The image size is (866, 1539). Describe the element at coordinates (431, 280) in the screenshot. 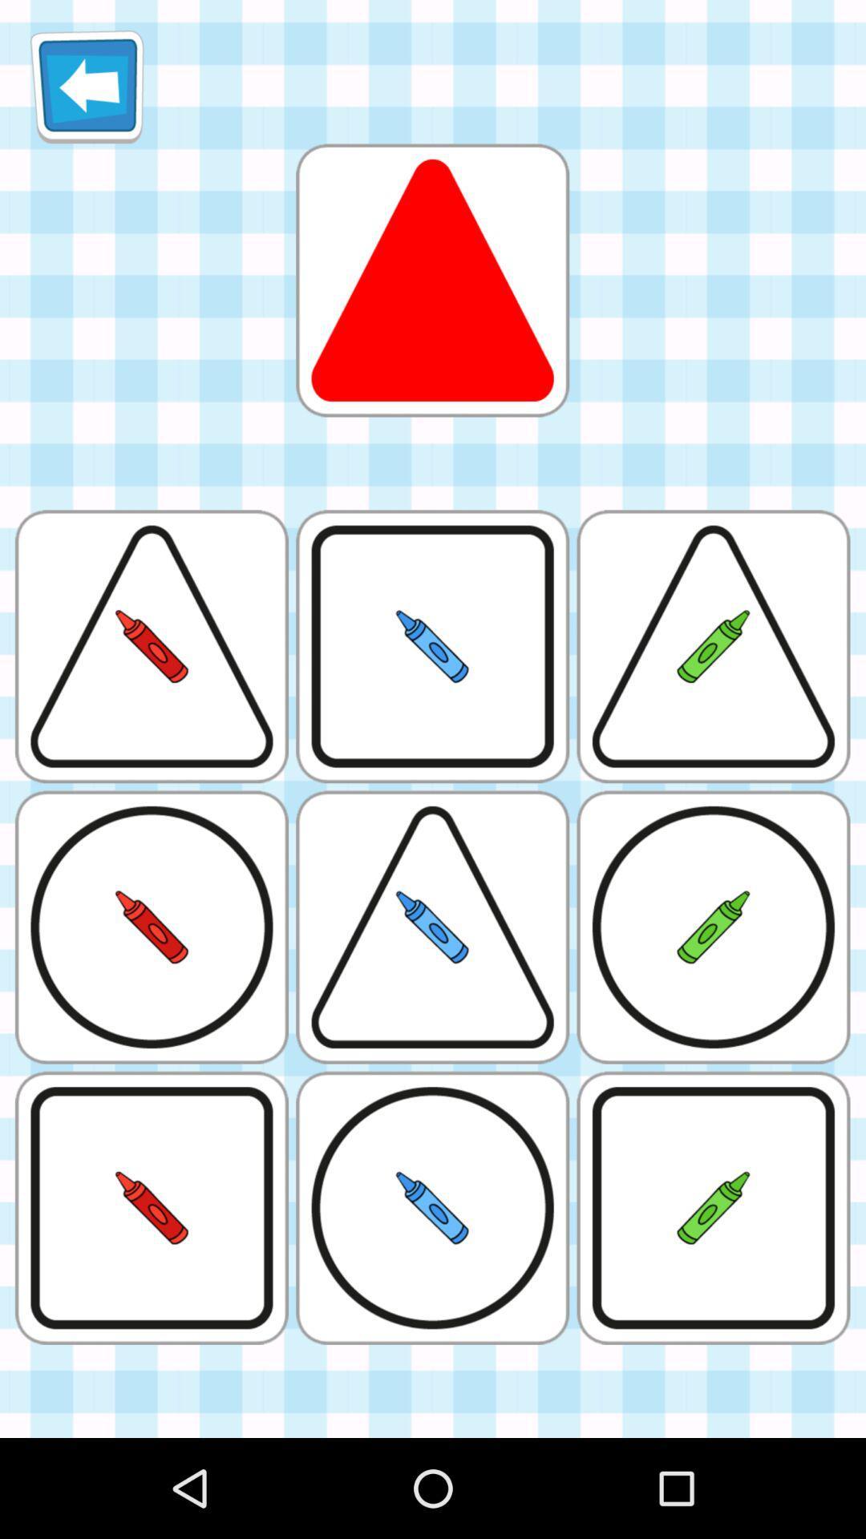

I see `red triangle` at that location.